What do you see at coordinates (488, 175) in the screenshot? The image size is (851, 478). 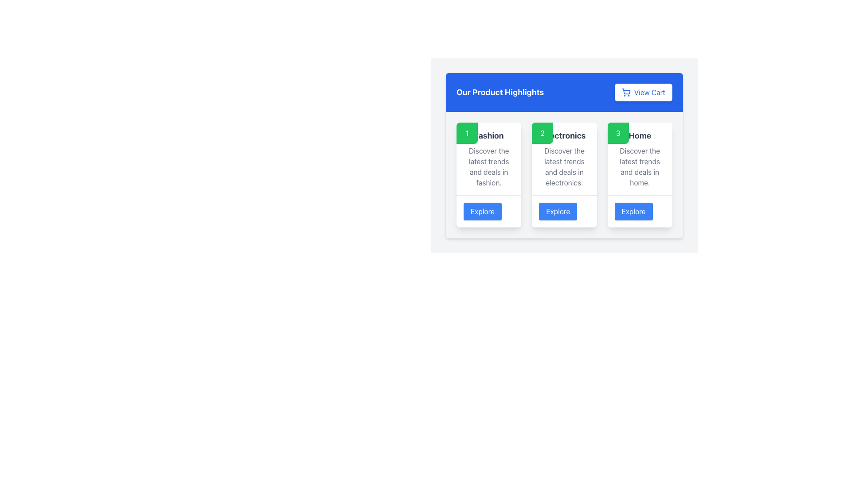 I see `the 'Fashion' card, which is the first card in a grid layout with a white background and a blue button labeled 'Explore'` at bounding box center [488, 175].